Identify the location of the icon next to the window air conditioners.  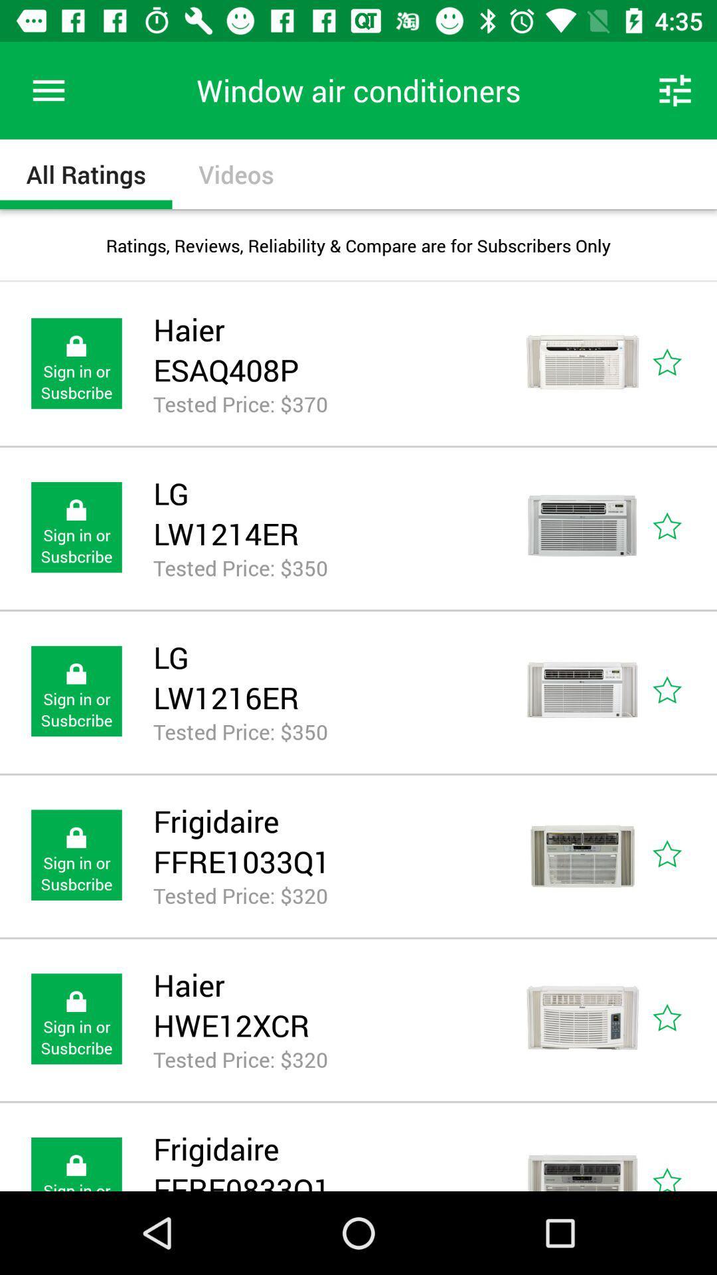
(675, 90).